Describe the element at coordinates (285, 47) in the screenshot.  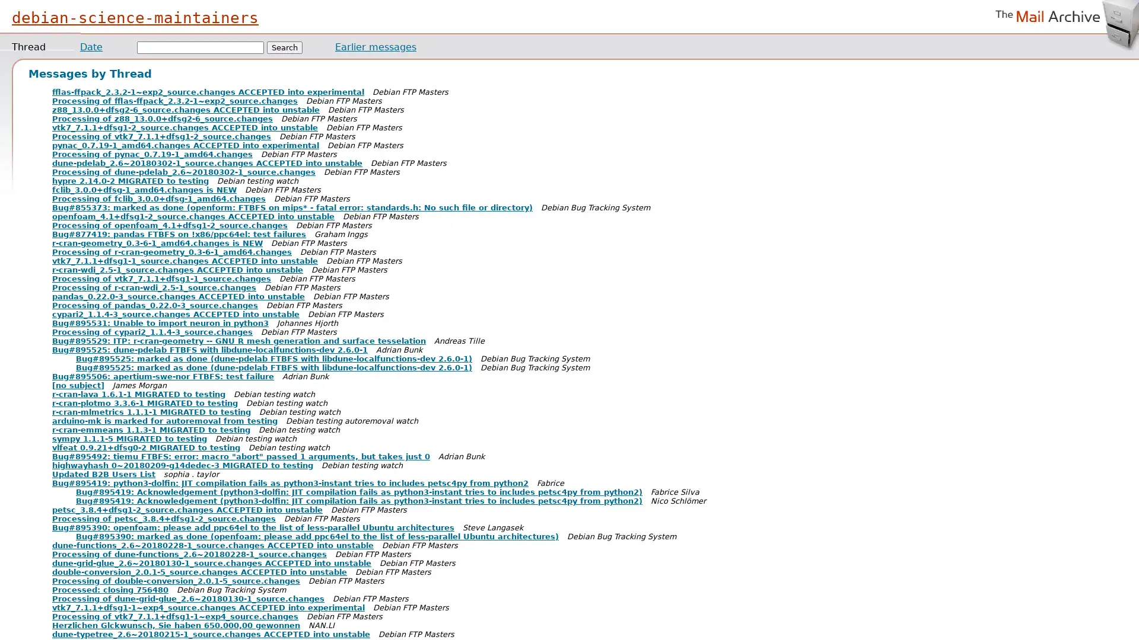
I see `Search` at that location.